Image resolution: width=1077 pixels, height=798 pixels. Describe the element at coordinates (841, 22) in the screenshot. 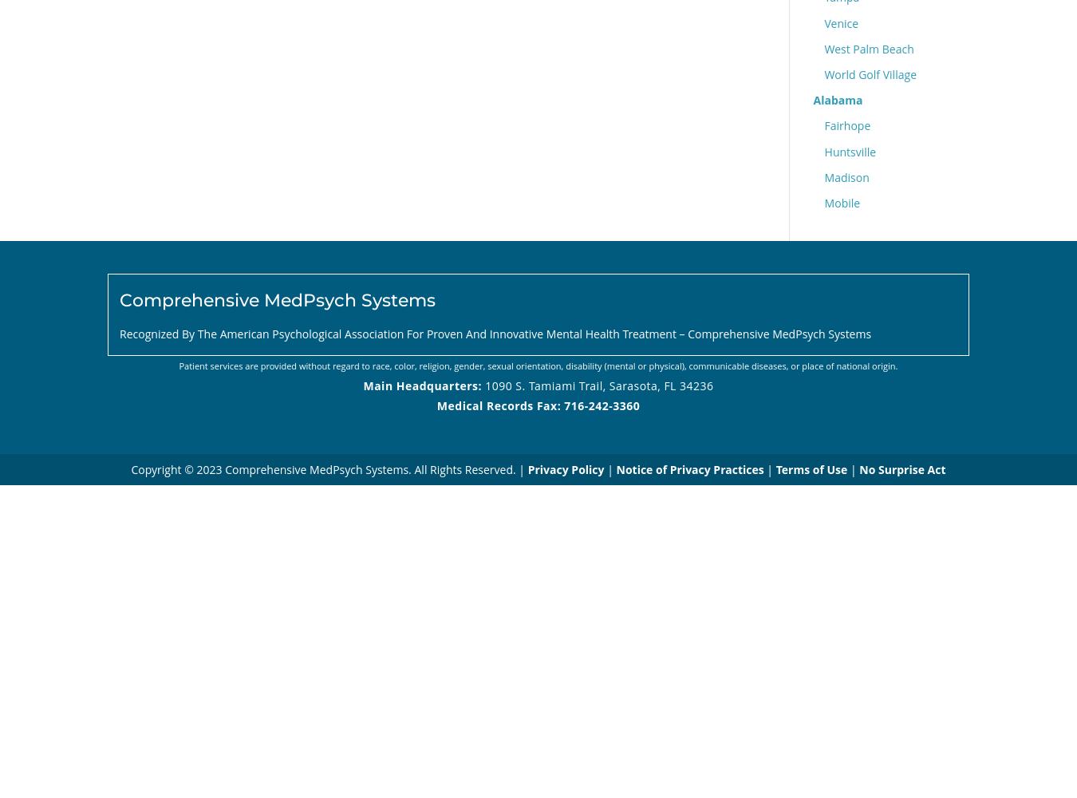

I see `'Venice'` at that location.